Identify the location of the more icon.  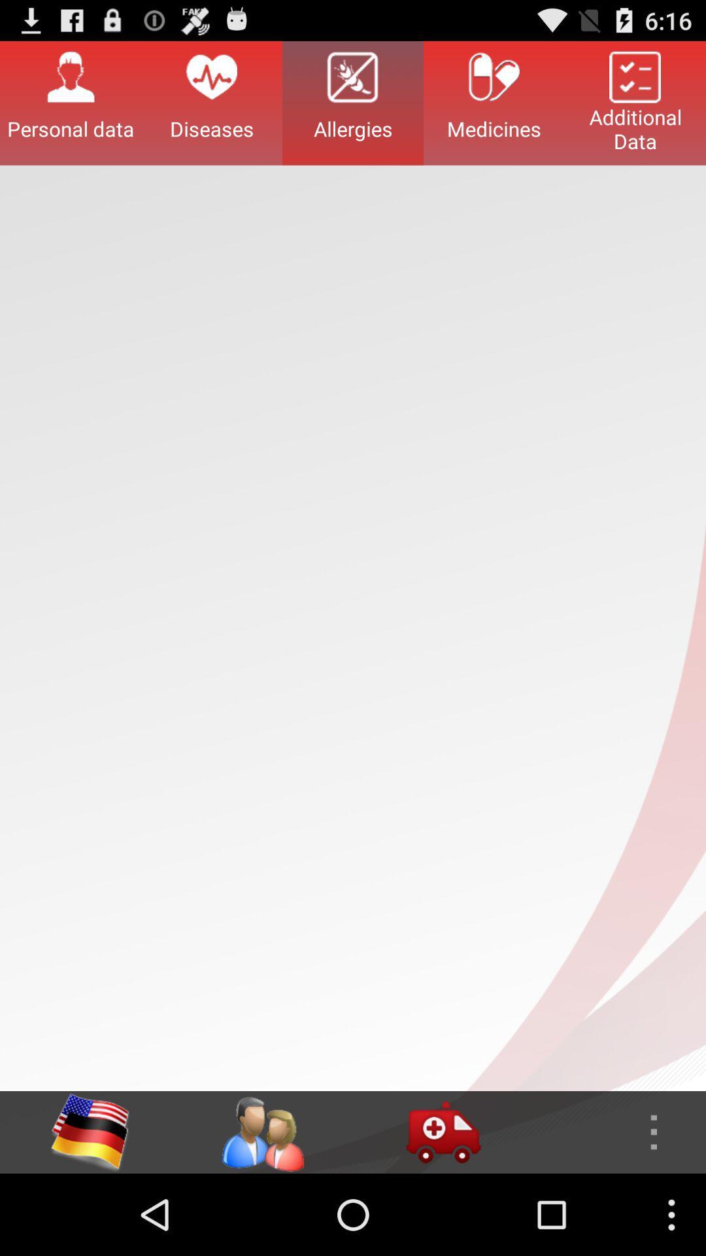
(615, 1211).